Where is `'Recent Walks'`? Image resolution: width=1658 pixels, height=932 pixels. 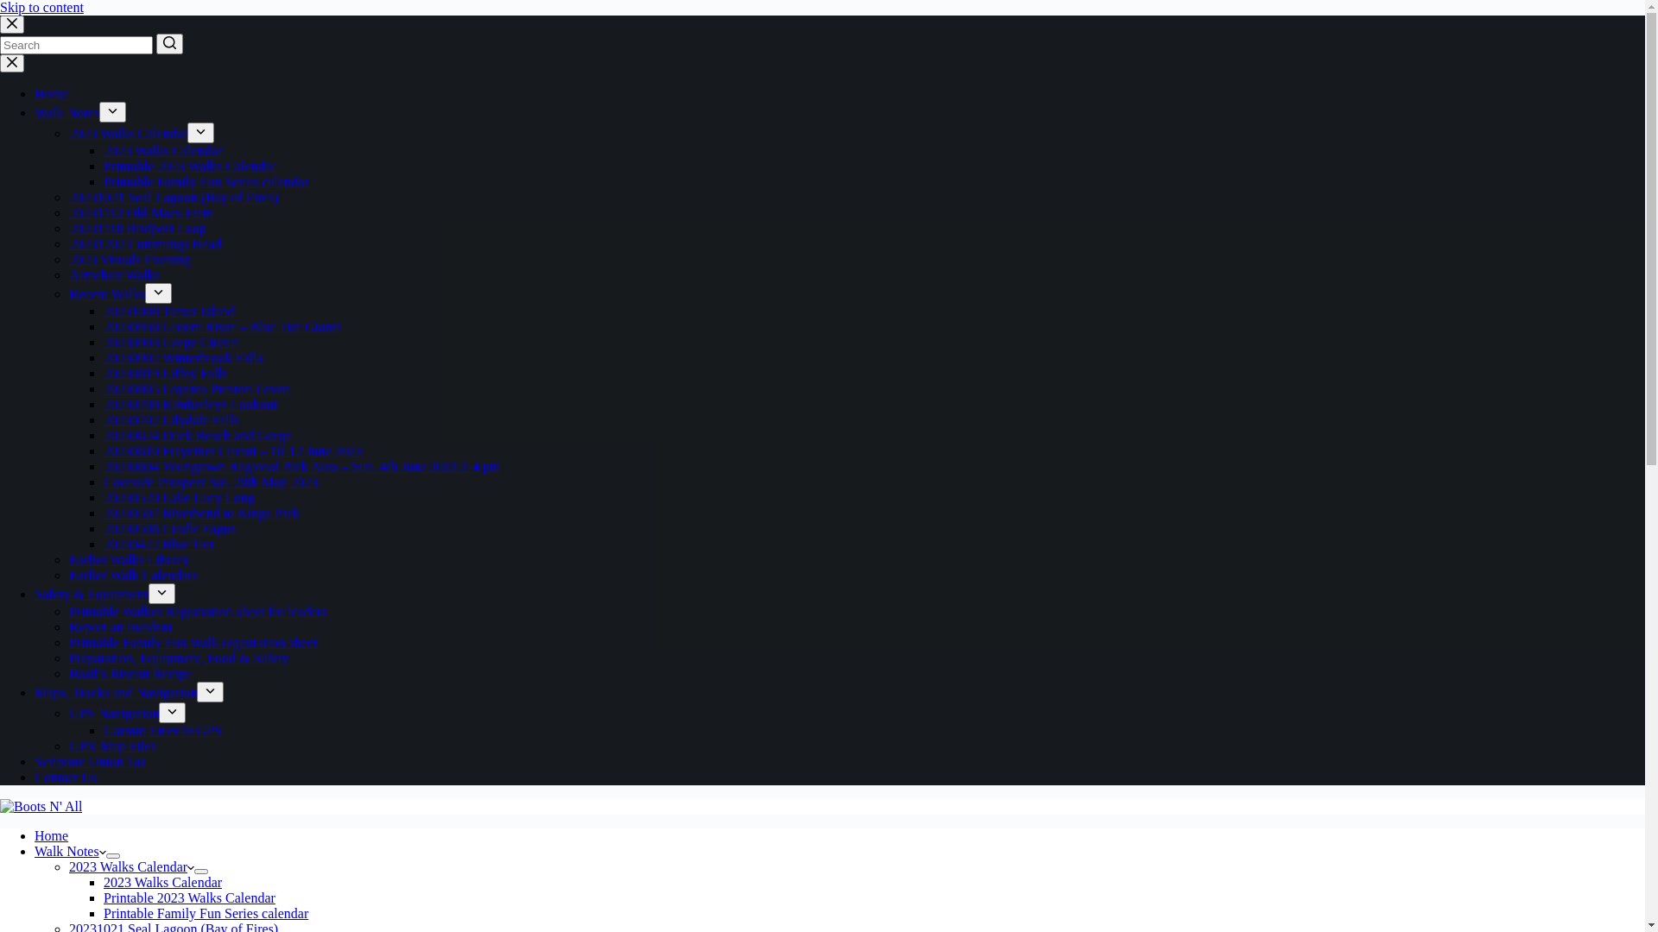 'Recent Walks' is located at coordinates (106, 293).